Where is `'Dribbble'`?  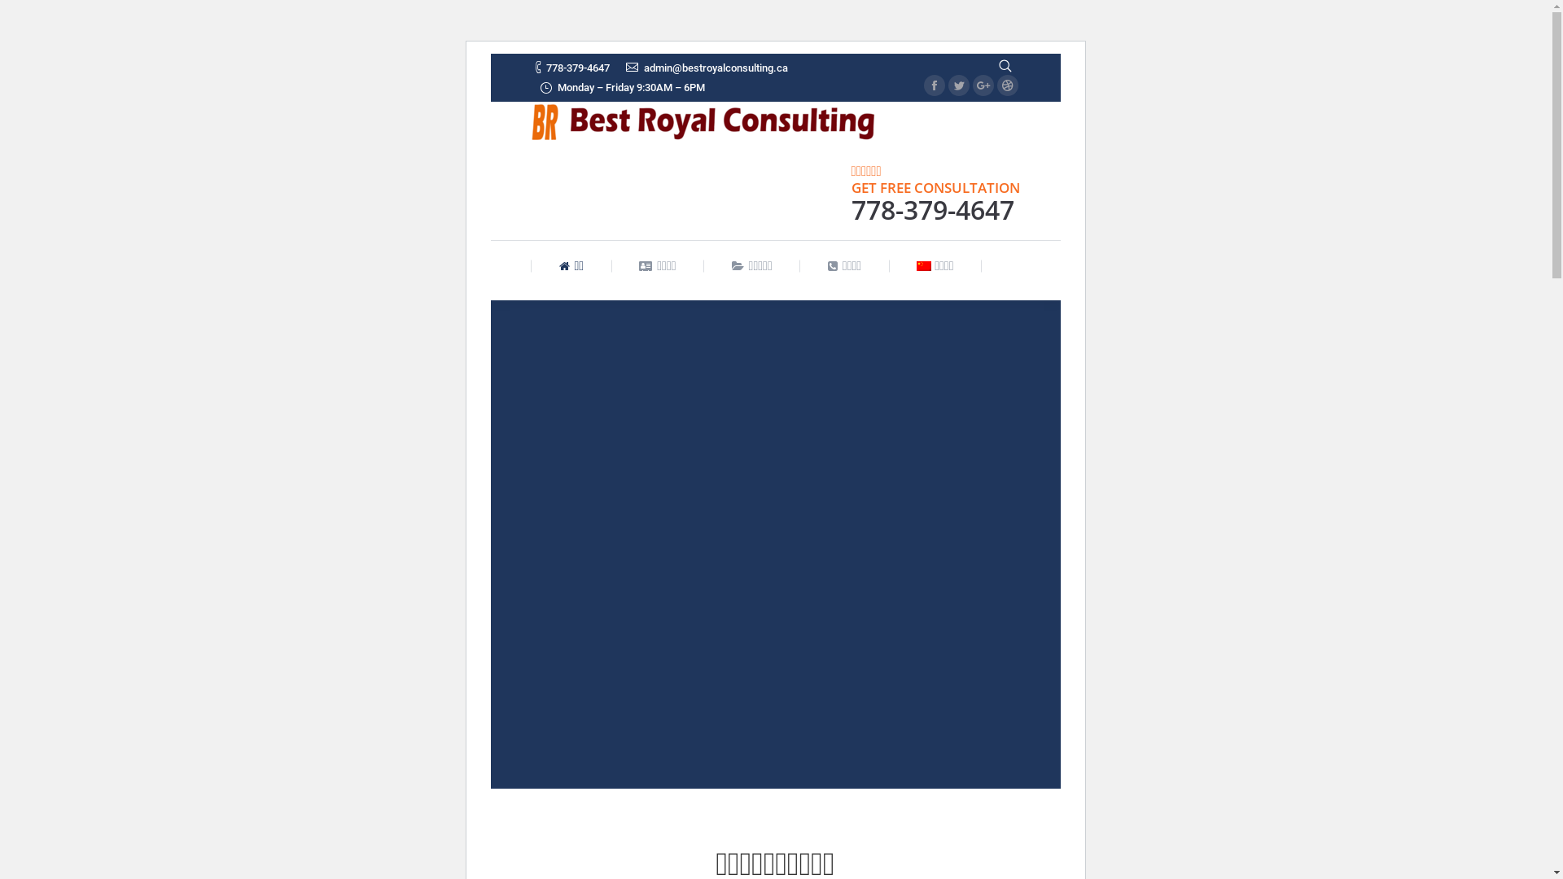
'Dribbble' is located at coordinates (996, 85).